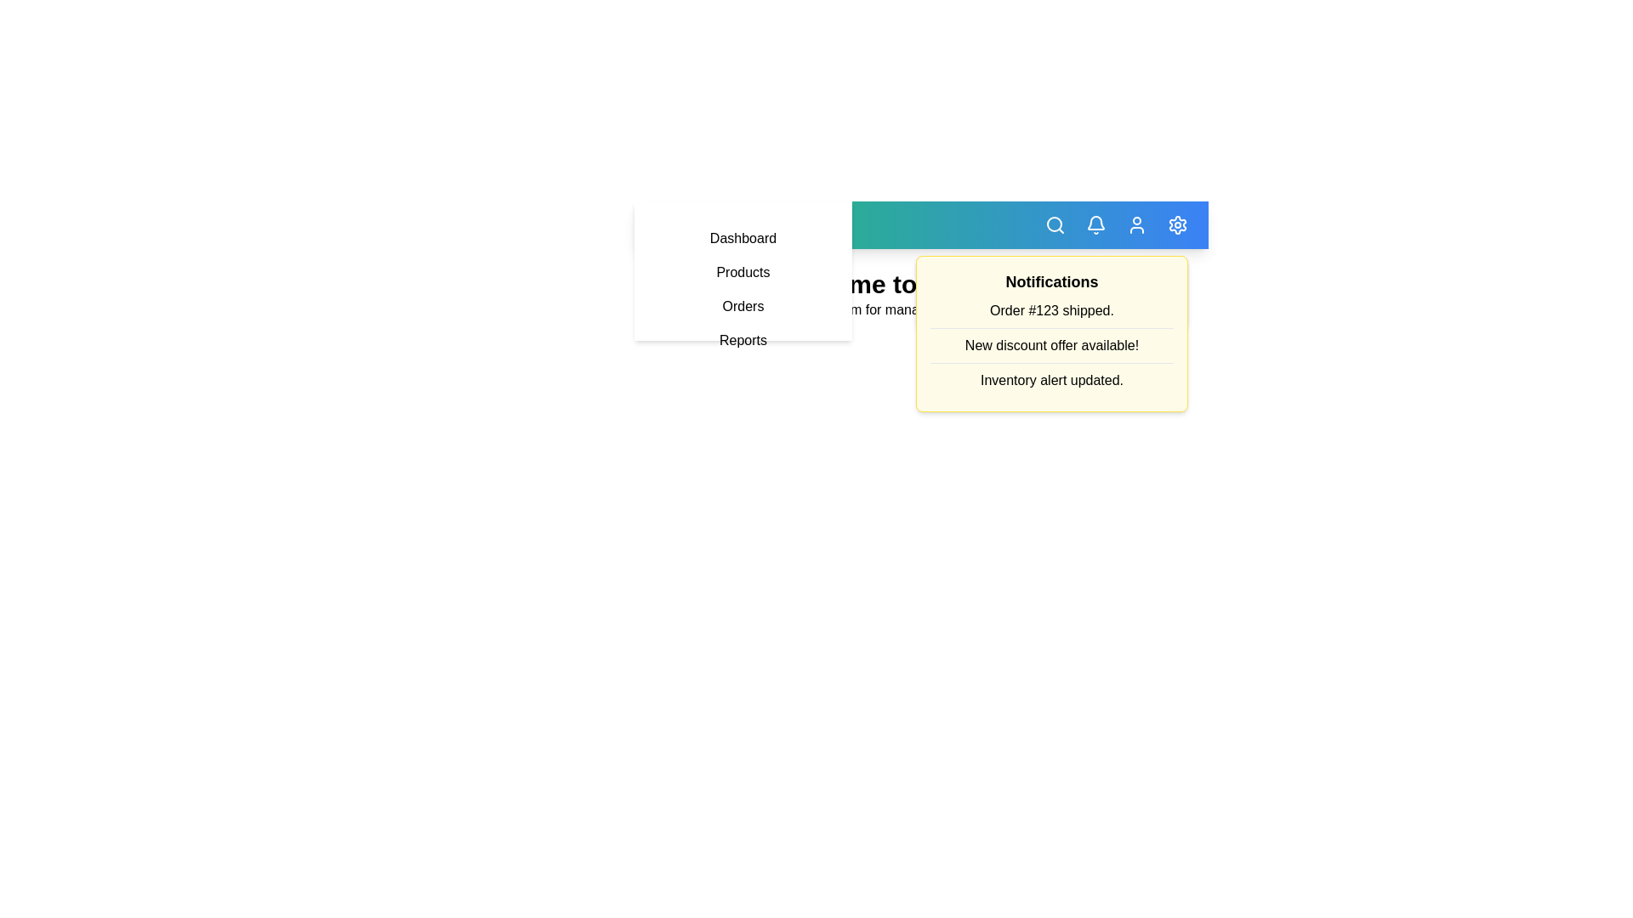 Image resolution: width=1633 pixels, height=918 pixels. What do you see at coordinates (1051, 345) in the screenshot?
I see `the notification text label that reads 'New discount offer available!'` at bounding box center [1051, 345].